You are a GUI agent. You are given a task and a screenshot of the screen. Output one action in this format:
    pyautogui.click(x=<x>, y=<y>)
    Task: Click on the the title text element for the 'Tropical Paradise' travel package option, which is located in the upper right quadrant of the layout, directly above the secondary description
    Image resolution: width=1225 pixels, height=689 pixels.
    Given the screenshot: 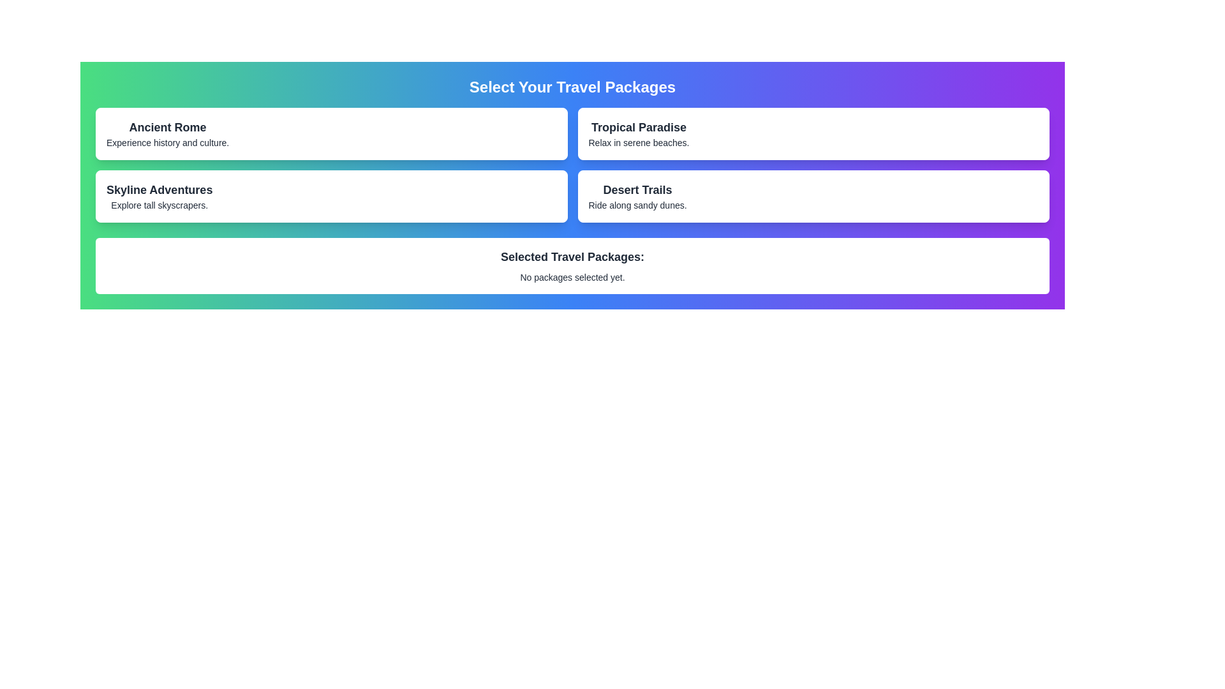 What is the action you would take?
    pyautogui.click(x=639, y=128)
    